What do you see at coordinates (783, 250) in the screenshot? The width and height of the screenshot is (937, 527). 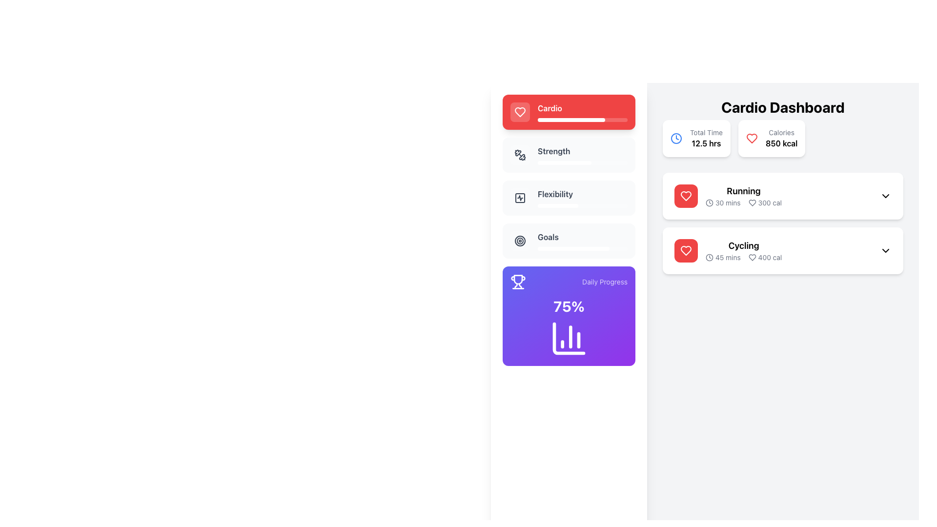 I see `the second list item representing 'Cycling' under the 'Cardio Dashboard'` at bounding box center [783, 250].